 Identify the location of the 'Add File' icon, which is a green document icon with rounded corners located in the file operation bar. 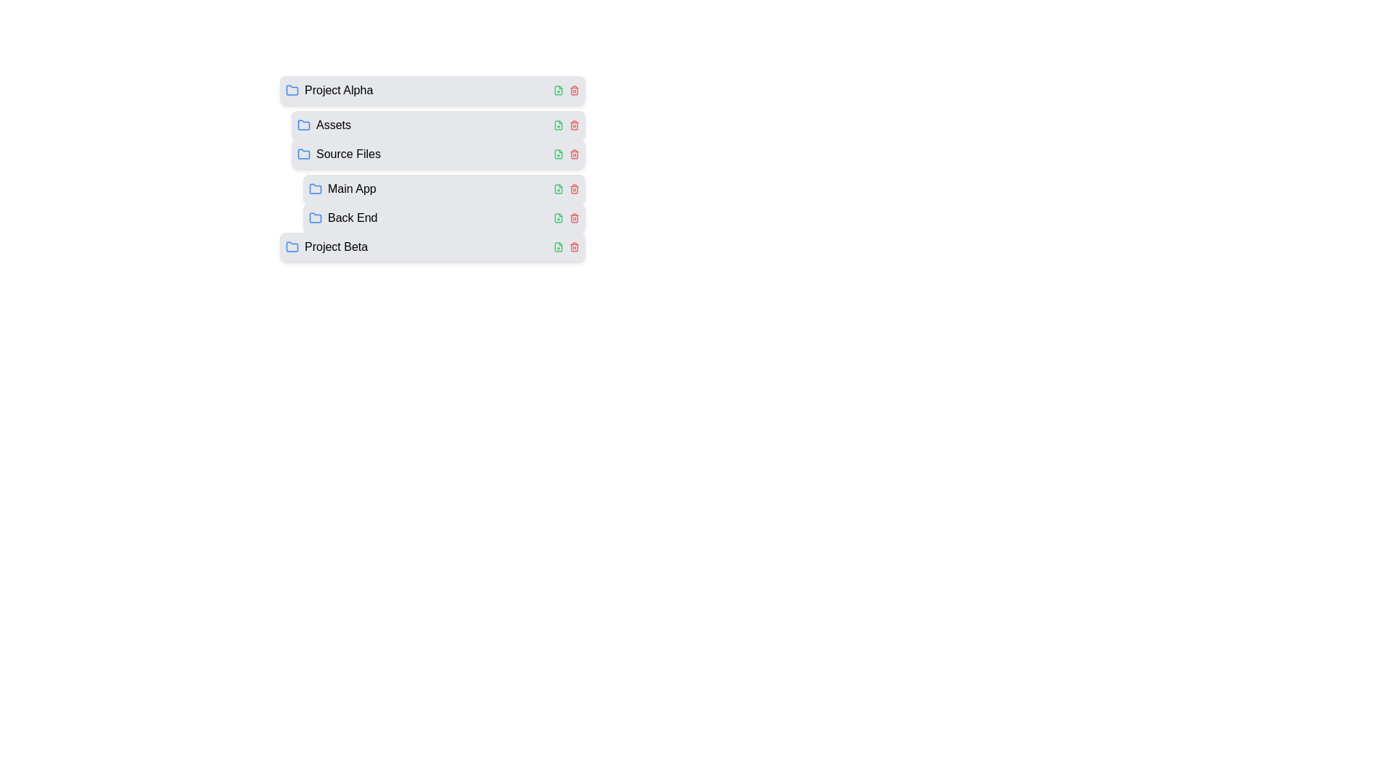
(557, 154).